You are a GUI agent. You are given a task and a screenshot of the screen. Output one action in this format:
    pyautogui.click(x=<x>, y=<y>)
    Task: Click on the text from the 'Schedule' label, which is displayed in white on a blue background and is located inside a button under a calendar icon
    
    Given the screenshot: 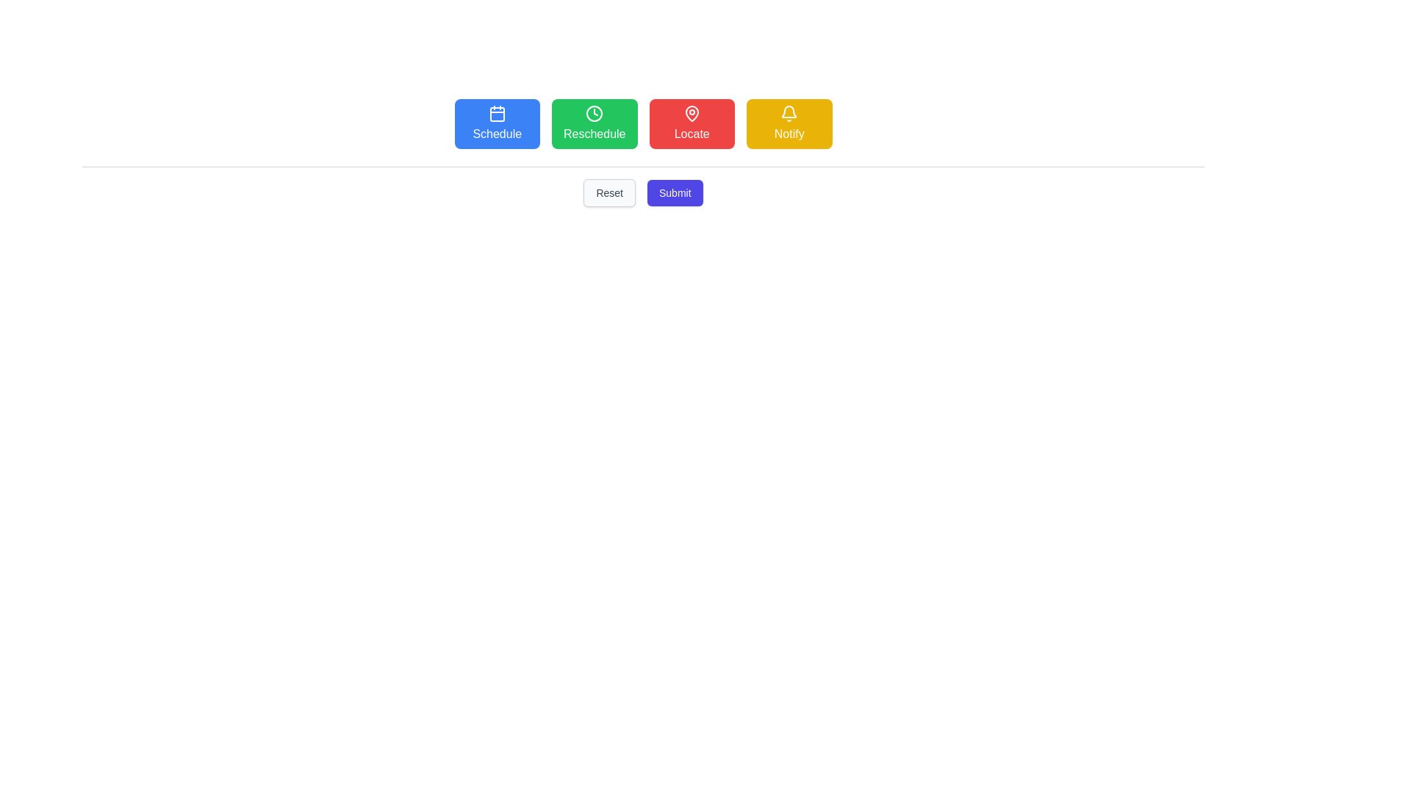 What is the action you would take?
    pyautogui.click(x=497, y=134)
    